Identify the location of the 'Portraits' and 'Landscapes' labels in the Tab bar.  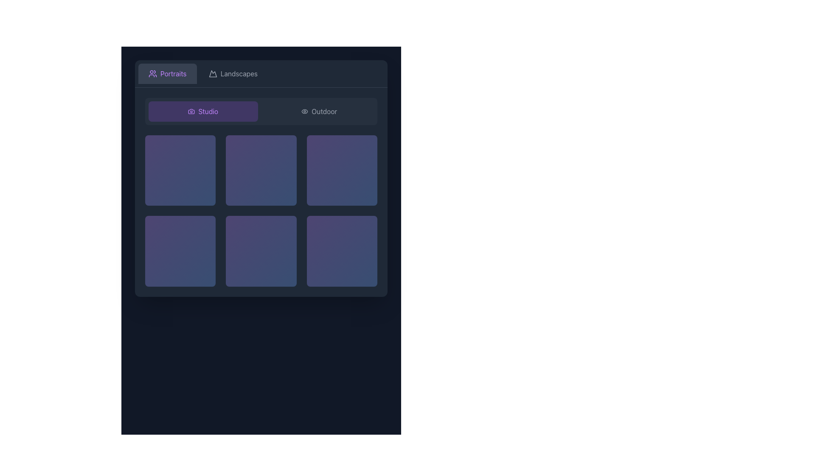
(261, 73).